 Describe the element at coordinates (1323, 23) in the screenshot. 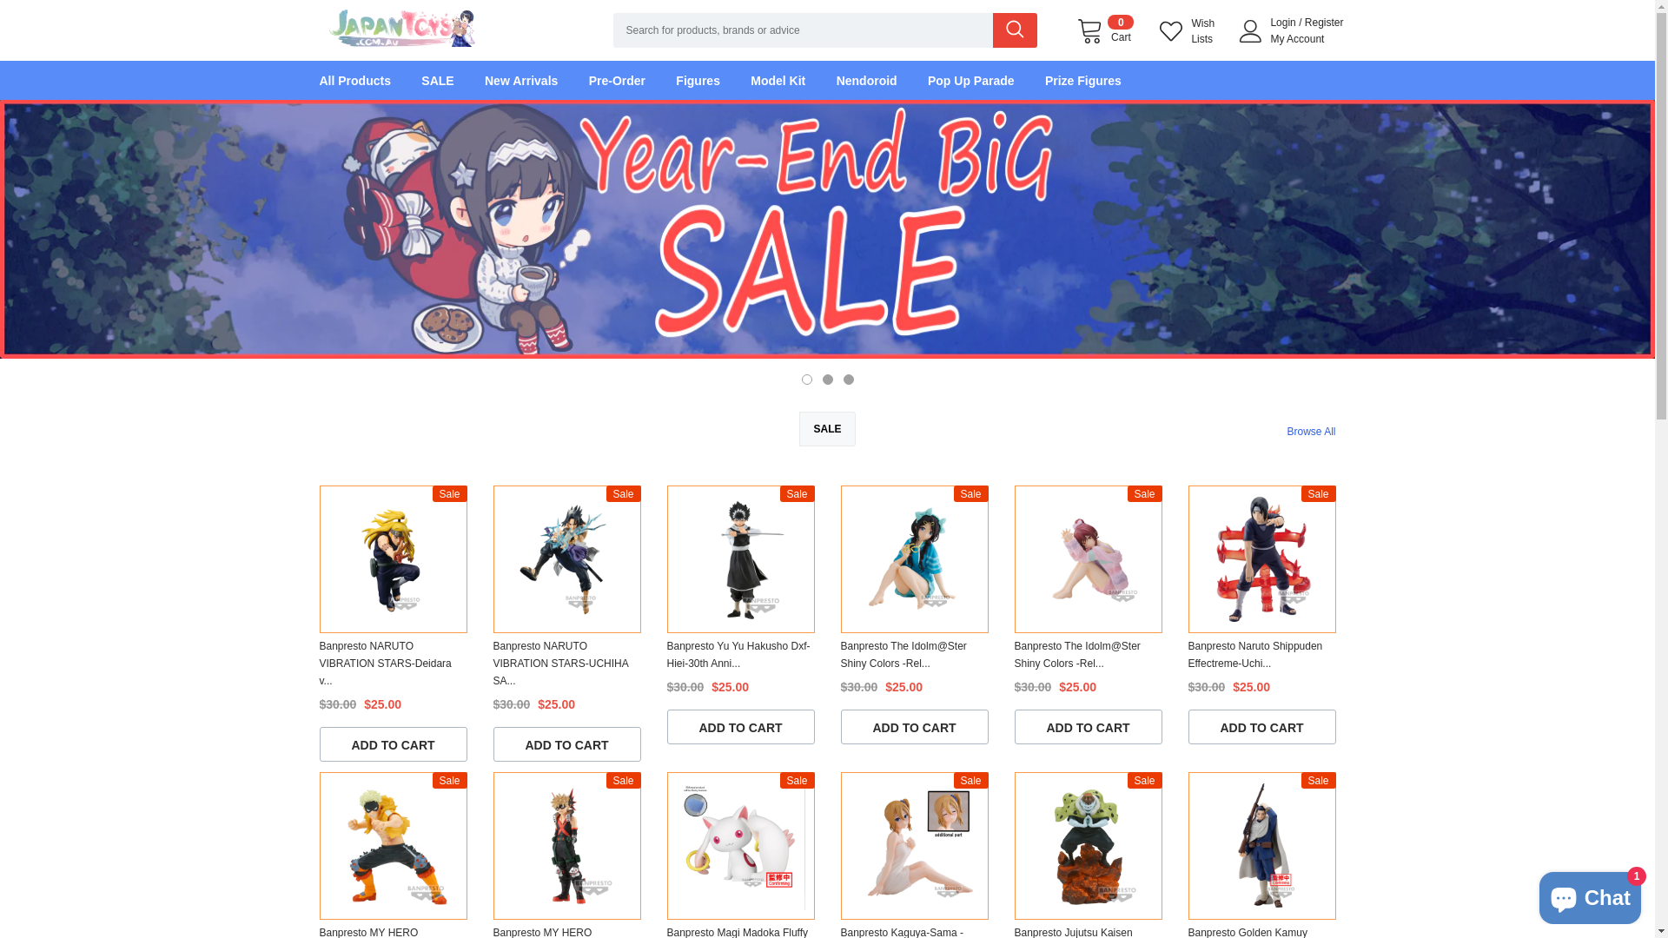

I see `'Register'` at that location.